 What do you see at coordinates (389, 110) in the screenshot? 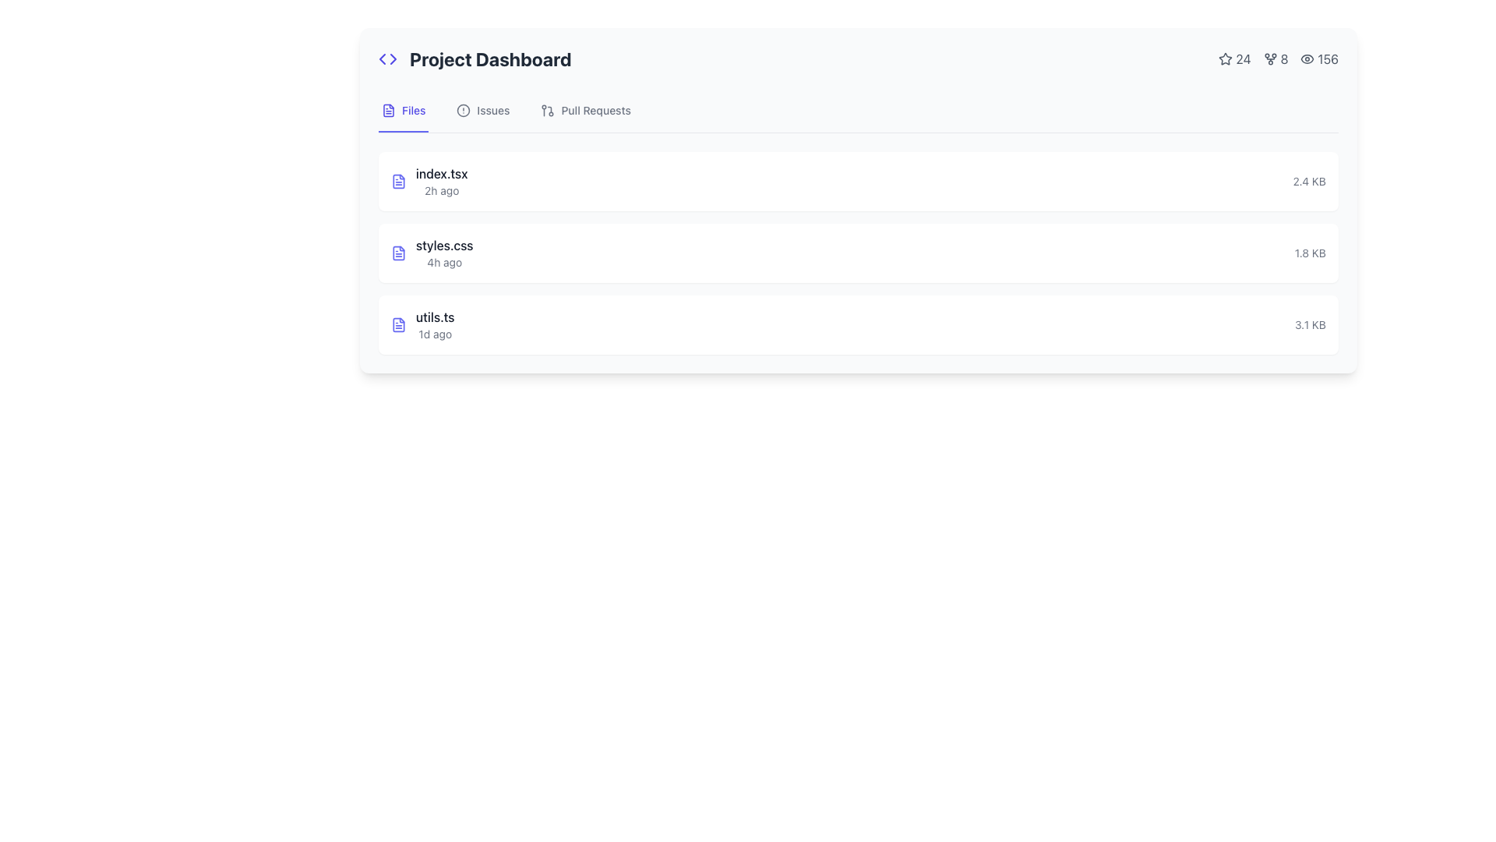
I see `file icon located to the left of the 'Files' tab label in the navigation bar of the 'Project Dashboard' section for style or metadata` at bounding box center [389, 110].